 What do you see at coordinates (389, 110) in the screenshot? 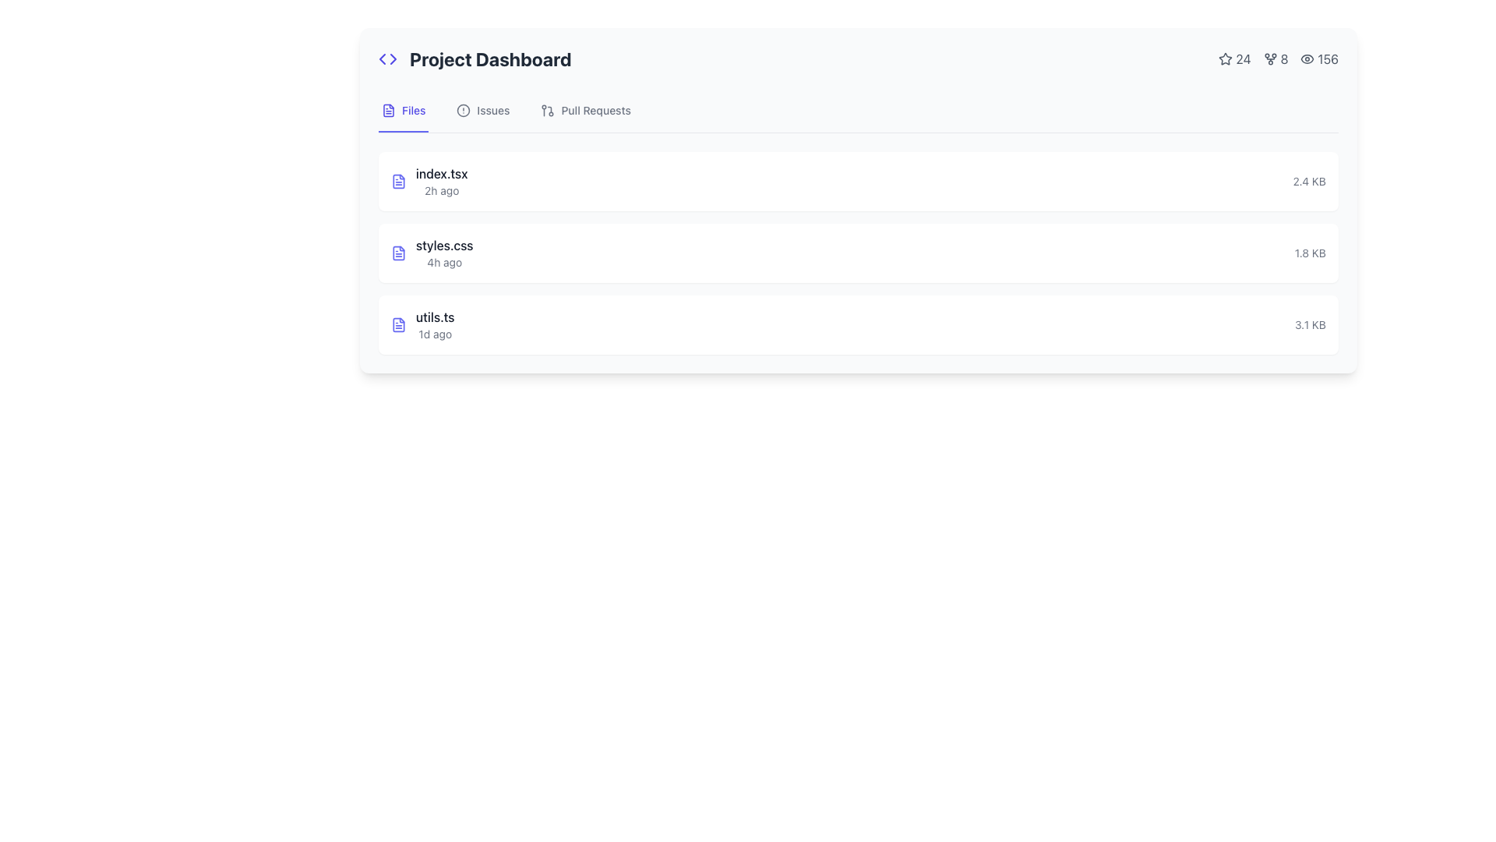
I see `file icon located to the left of the 'Files' tab label in the navigation bar of the 'Project Dashboard' section for style or metadata` at bounding box center [389, 110].